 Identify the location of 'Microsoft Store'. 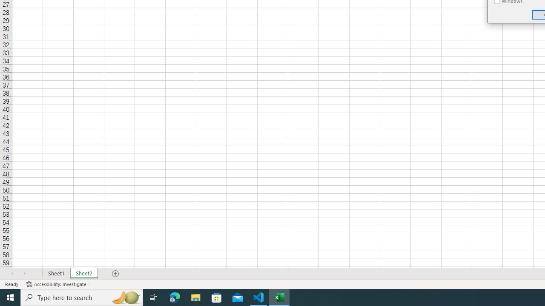
(217, 297).